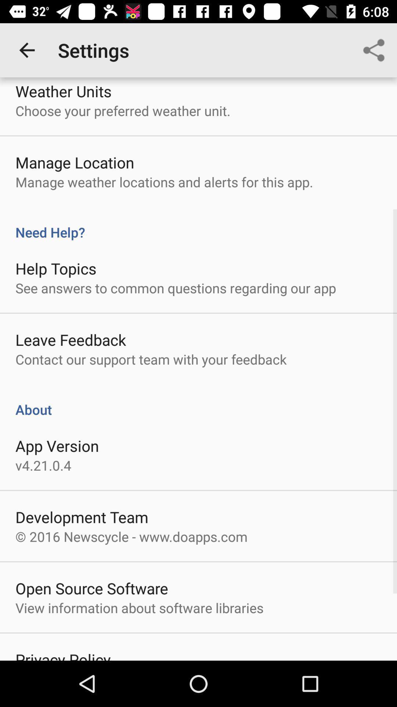 This screenshot has width=397, height=707. What do you see at coordinates (56, 268) in the screenshot?
I see `the help topics icon` at bounding box center [56, 268].